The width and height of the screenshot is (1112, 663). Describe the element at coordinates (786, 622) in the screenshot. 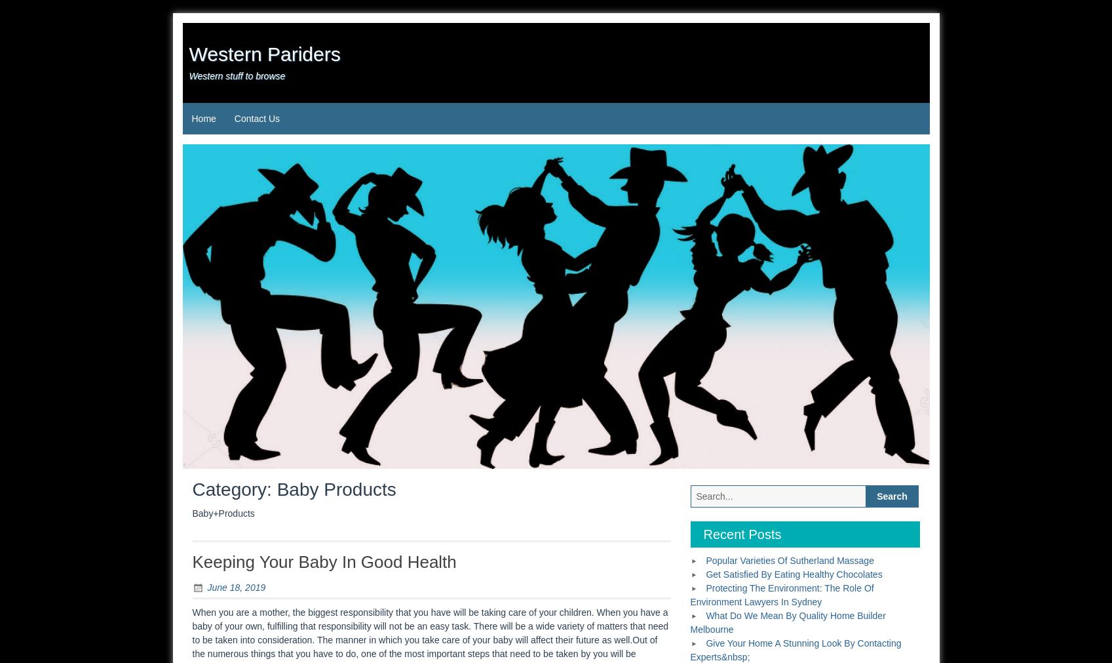

I see `'What Do We Mean By Quality Home Builder Melbourne'` at that location.